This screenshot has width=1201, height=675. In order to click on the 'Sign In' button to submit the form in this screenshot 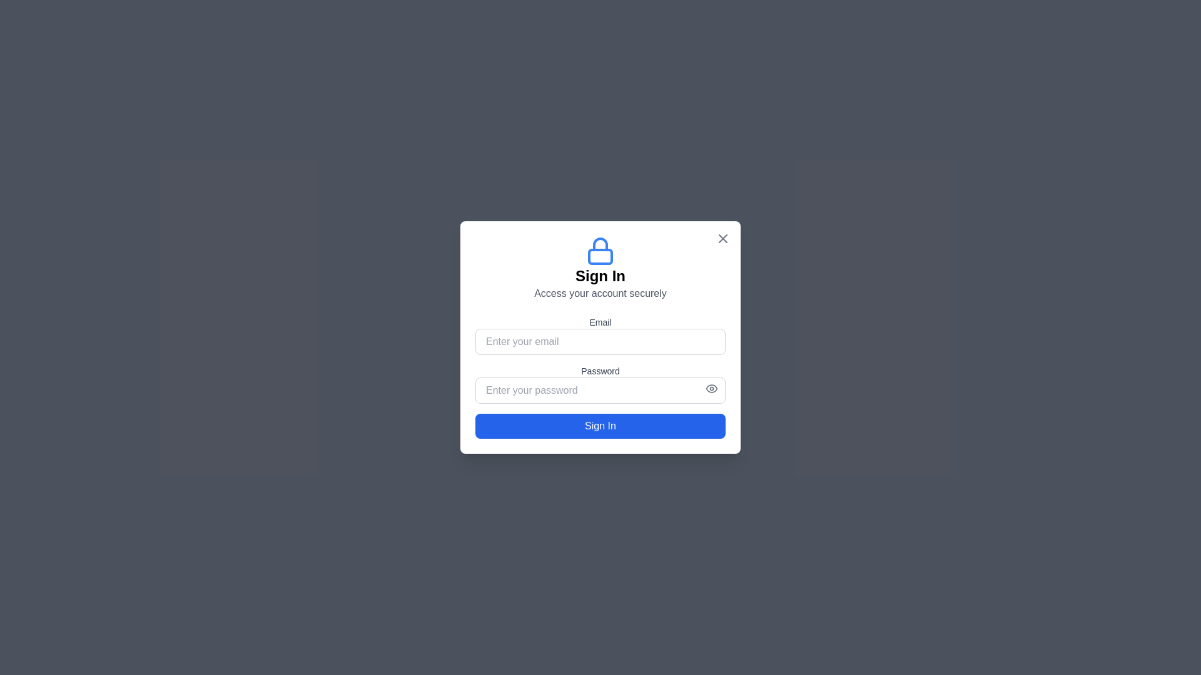, I will do `click(600, 426)`.